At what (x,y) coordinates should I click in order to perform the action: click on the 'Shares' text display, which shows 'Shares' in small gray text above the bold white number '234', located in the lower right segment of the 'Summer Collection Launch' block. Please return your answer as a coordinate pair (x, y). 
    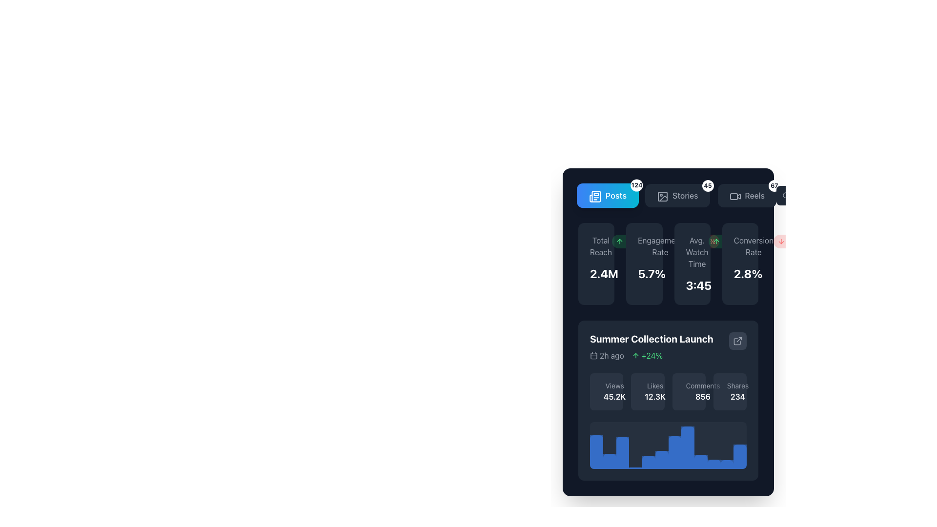
    Looking at the image, I should click on (738, 391).